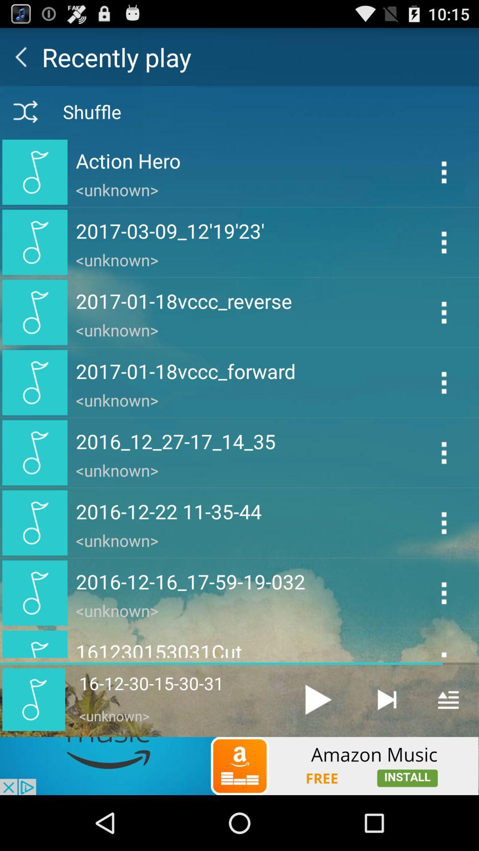  What do you see at coordinates (386, 699) in the screenshot?
I see `auto player` at bounding box center [386, 699].